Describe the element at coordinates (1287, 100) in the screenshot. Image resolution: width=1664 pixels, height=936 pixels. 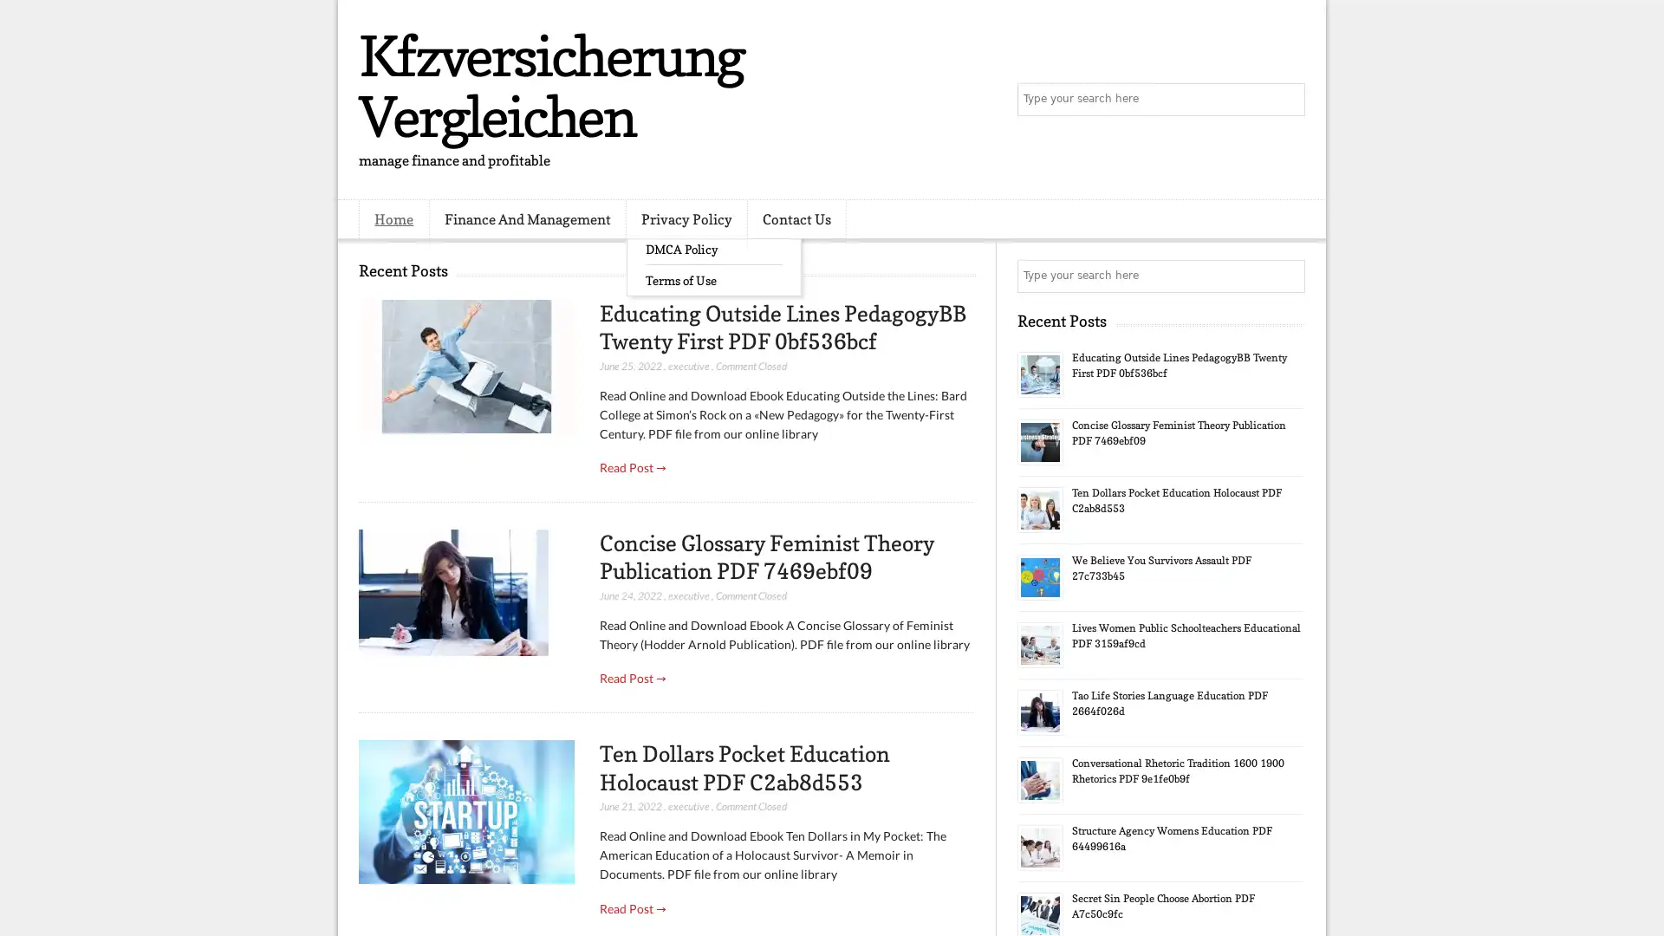
I see `Search` at that location.